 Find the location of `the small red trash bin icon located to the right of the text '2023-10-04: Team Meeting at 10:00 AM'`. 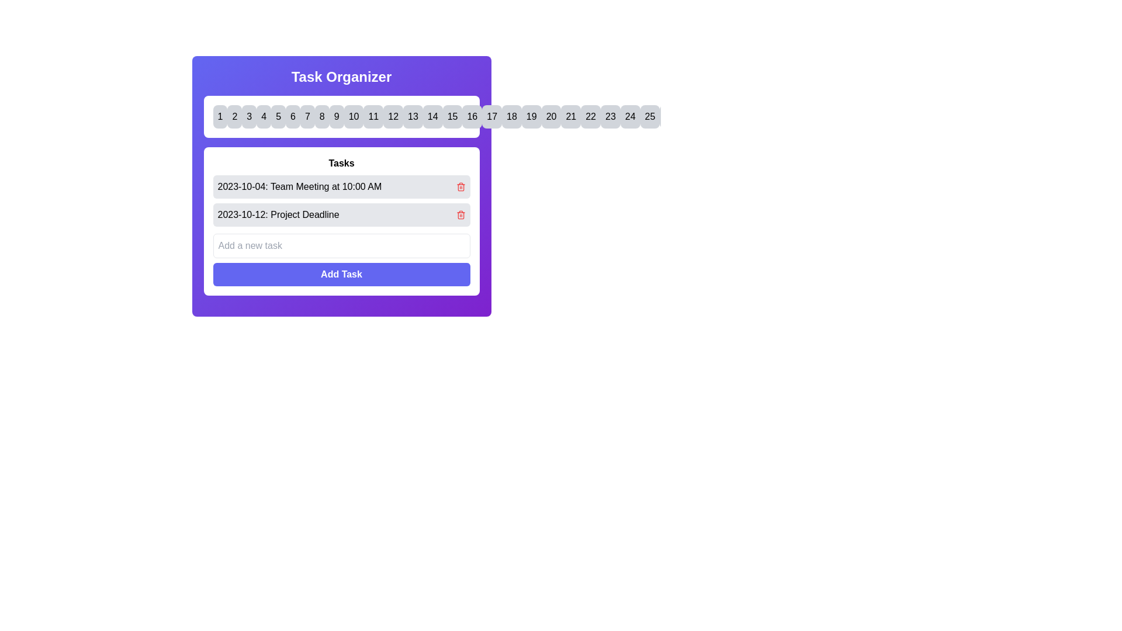

the small red trash bin icon located to the right of the text '2023-10-04: Team Meeting at 10:00 AM' is located at coordinates (460, 186).